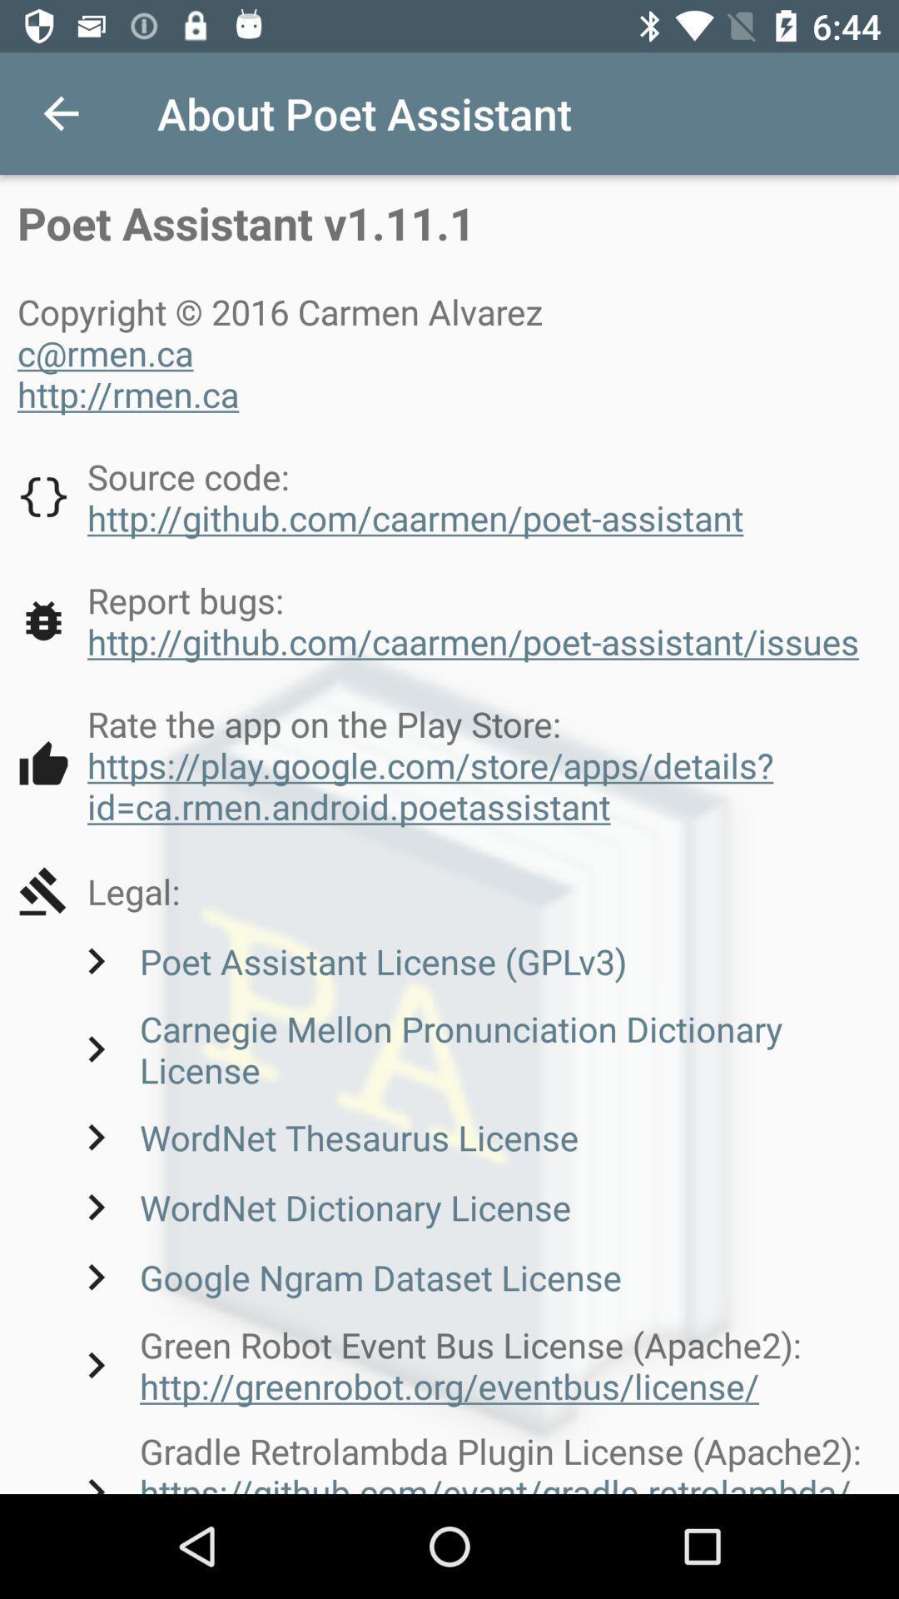 The width and height of the screenshot is (899, 1599). What do you see at coordinates (380, 496) in the screenshot?
I see `2 lines text which is above report bugs on the page` at bounding box center [380, 496].